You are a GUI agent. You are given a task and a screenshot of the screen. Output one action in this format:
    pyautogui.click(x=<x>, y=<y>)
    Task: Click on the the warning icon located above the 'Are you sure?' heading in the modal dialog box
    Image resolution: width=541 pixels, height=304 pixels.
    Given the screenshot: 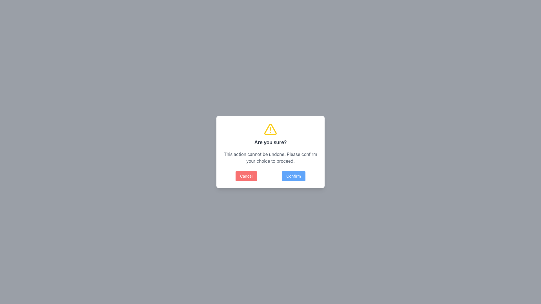 What is the action you would take?
    pyautogui.click(x=270, y=129)
    